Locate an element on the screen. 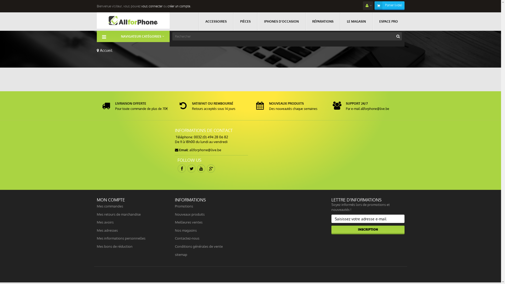  'IPHONES D'OCCASION' is located at coordinates (281, 21).